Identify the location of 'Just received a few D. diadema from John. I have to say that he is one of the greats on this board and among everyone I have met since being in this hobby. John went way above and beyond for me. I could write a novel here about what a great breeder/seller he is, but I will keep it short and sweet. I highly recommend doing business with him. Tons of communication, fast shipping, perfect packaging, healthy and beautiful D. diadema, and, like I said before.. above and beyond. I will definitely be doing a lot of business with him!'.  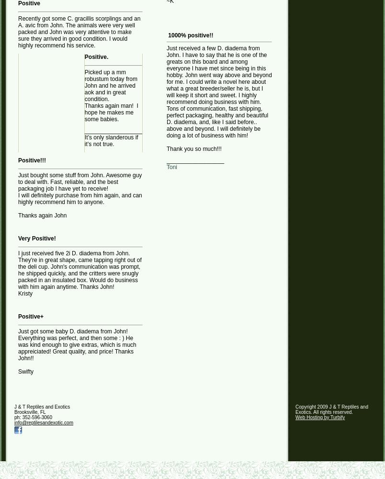
(218, 91).